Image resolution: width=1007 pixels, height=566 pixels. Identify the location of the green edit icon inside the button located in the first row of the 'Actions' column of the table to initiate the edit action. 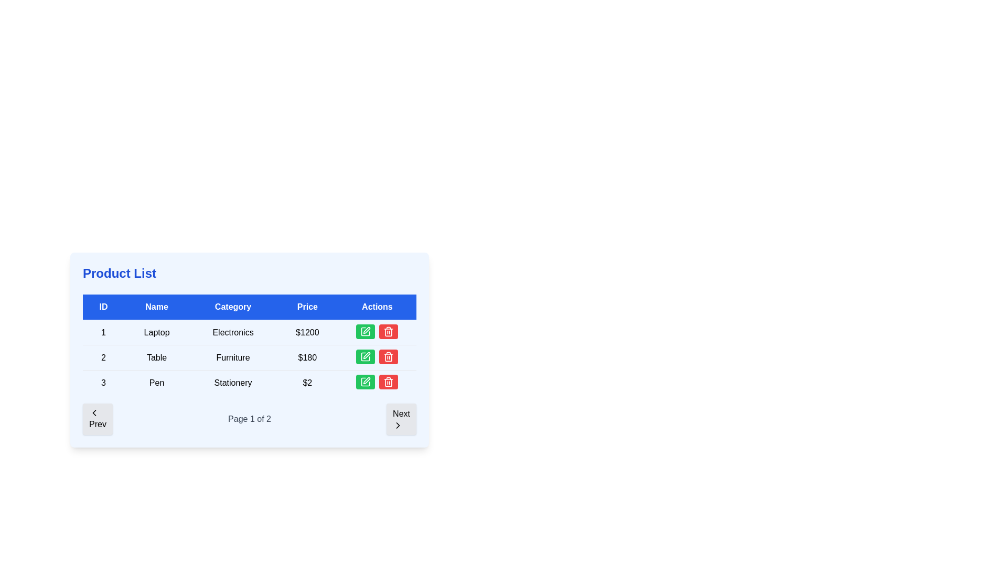
(366, 331).